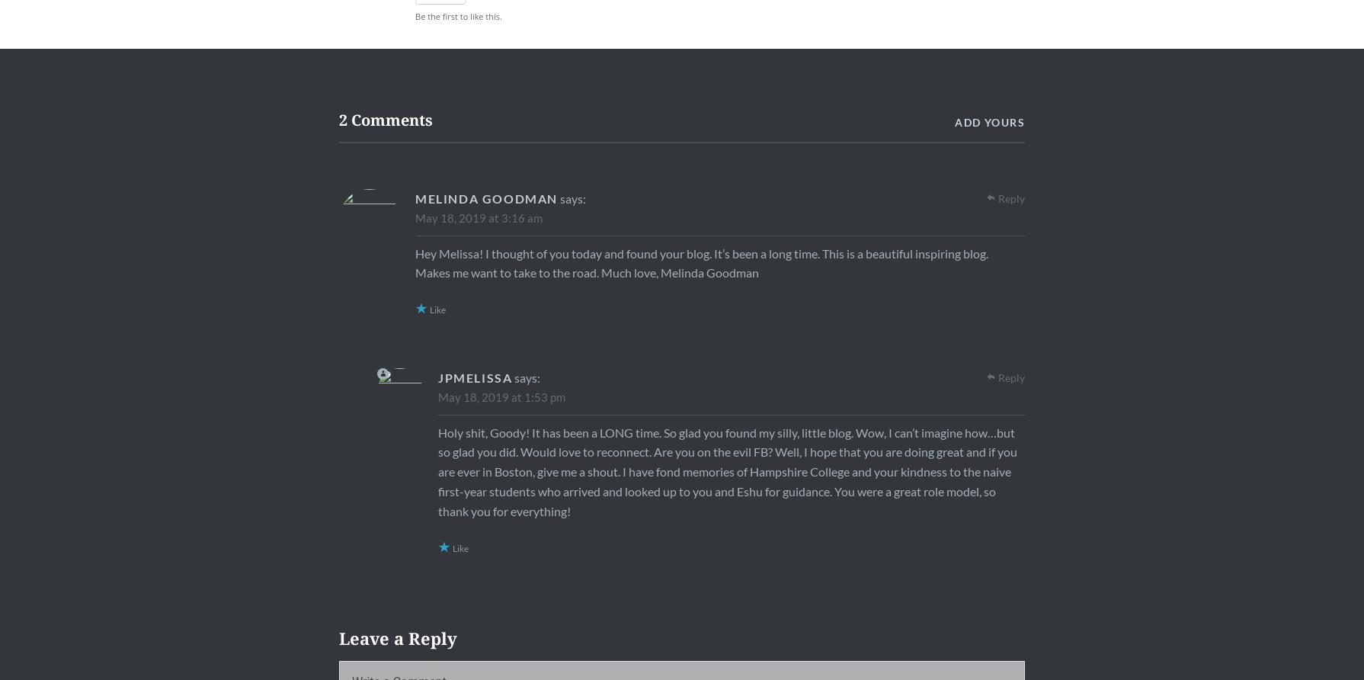 The width and height of the screenshot is (1364, 680). What do you see at coordinates (501, 397) in the screenshot?
I see `'May 18, 2019 at 1:53 pm'` at bounding box center [501, 397].